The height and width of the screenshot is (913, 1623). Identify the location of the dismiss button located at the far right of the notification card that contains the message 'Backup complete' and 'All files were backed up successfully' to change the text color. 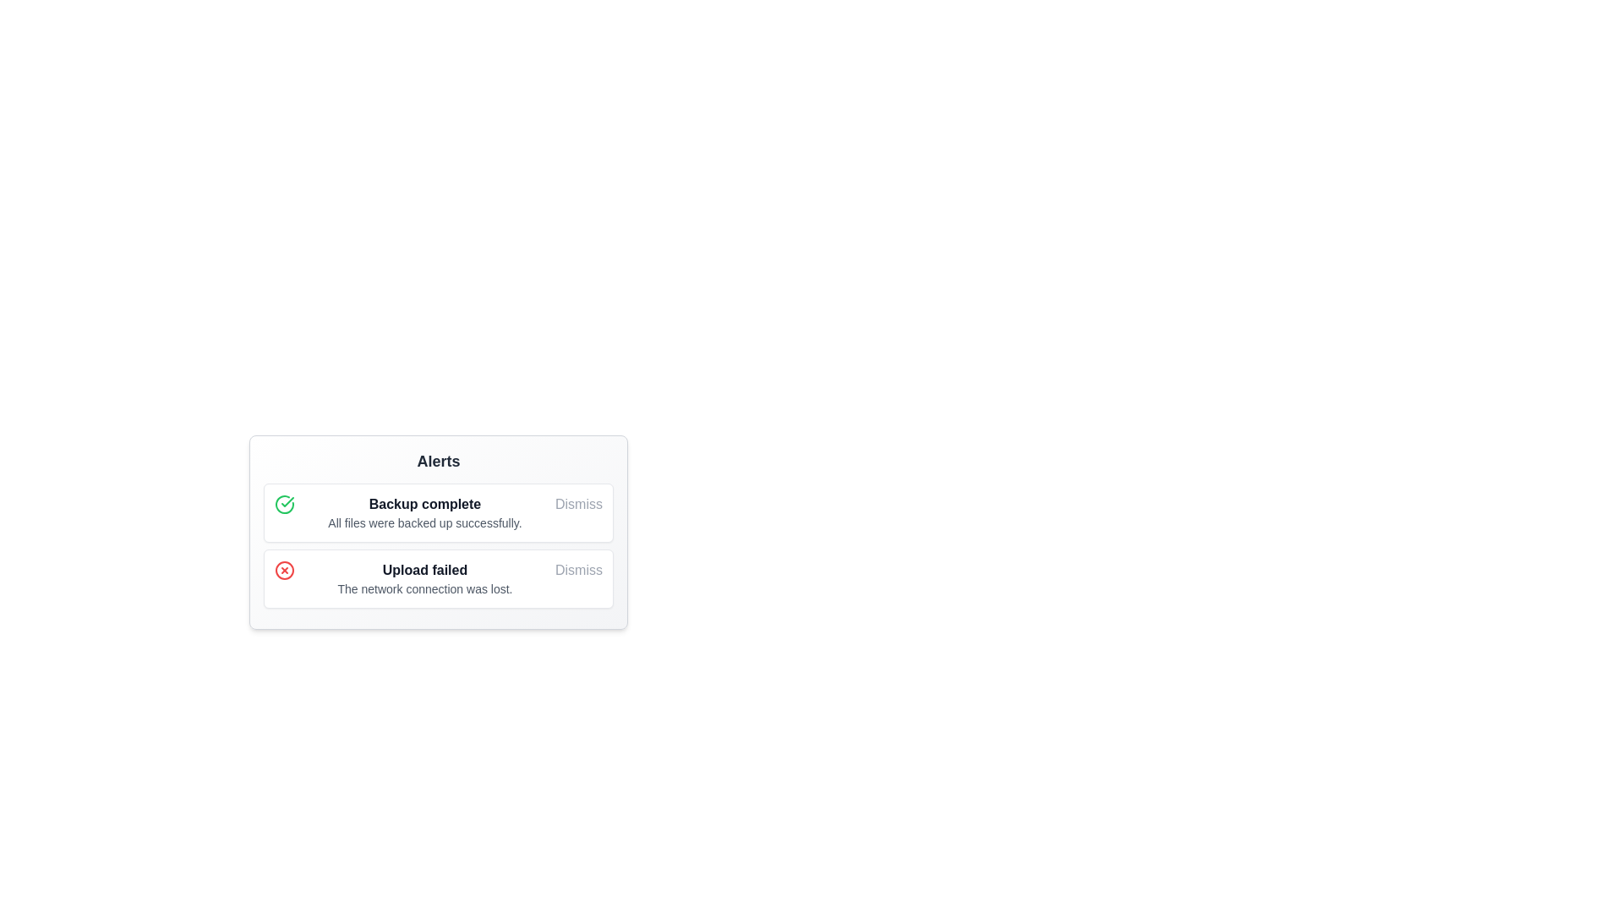
(579, 504).